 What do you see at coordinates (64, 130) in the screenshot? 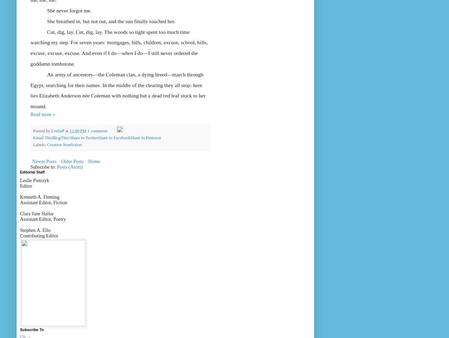
I see `'at'` at bounding box center [64, 130].